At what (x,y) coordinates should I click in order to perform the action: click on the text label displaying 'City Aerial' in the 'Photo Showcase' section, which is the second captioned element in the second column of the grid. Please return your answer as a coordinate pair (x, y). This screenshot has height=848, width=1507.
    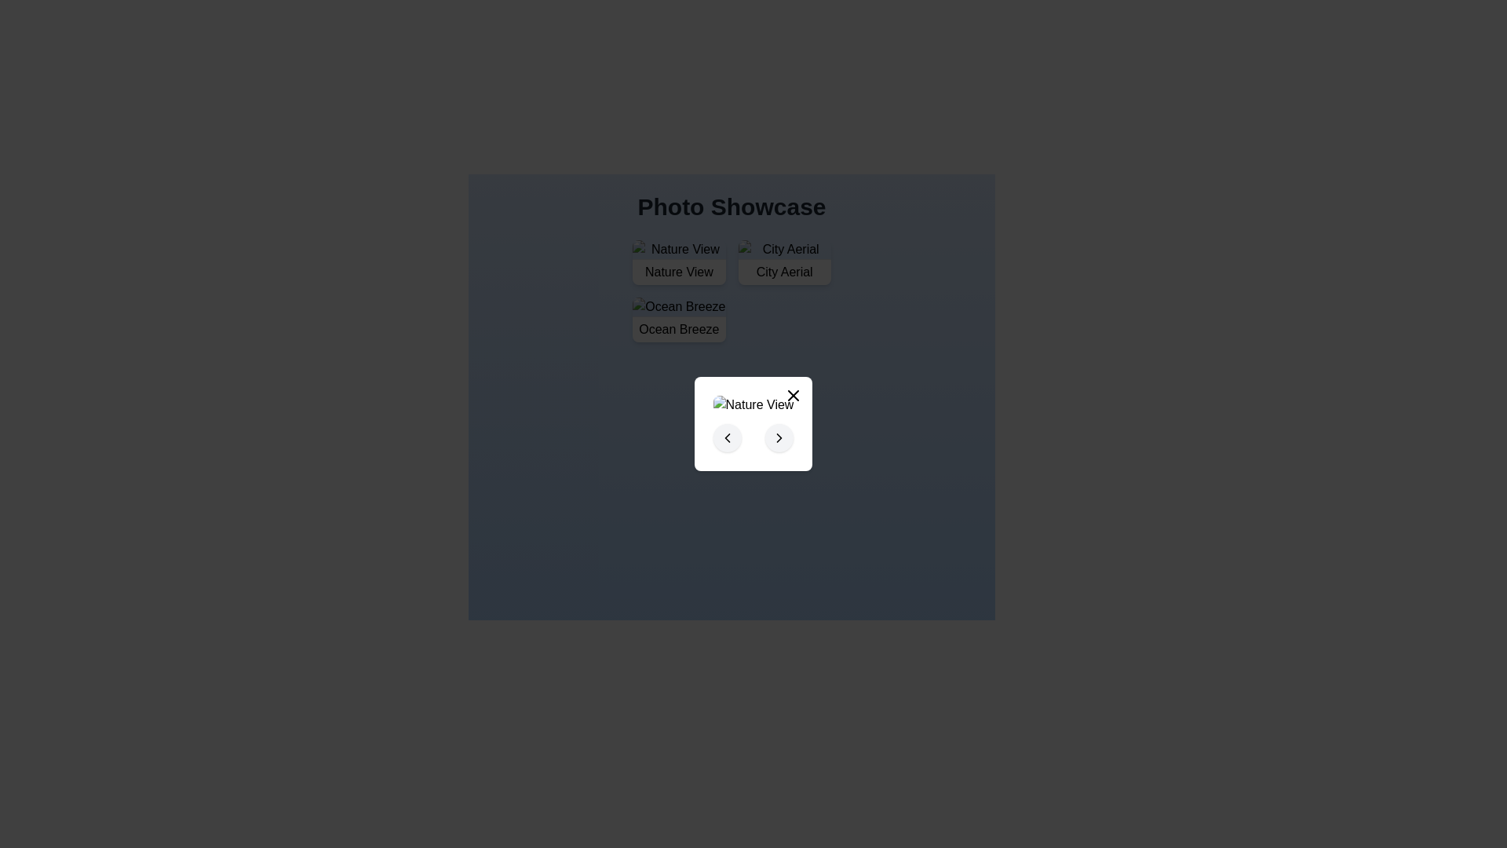
    Looking at the image, I should click on (784, 271).